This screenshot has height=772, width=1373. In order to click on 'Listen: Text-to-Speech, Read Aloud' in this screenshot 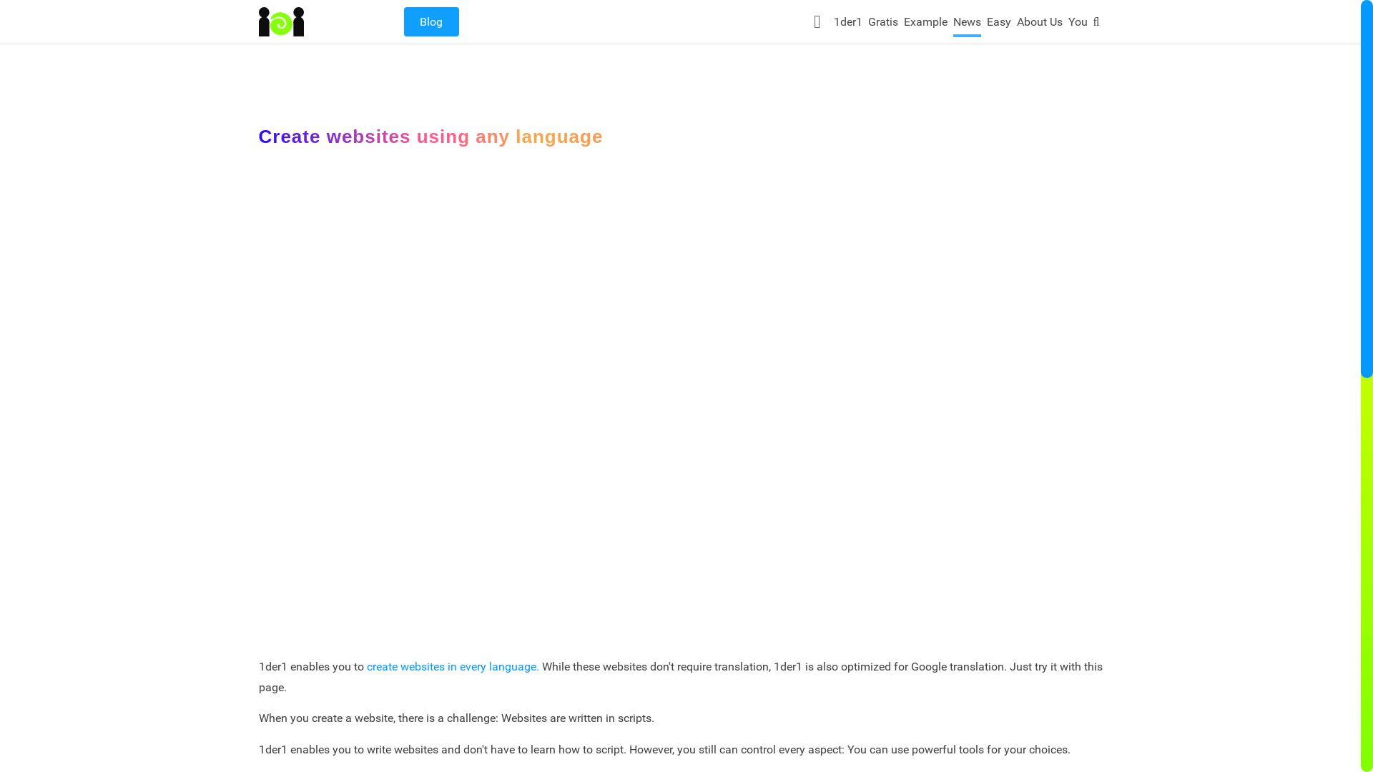, I will do `click(819, 21)`.